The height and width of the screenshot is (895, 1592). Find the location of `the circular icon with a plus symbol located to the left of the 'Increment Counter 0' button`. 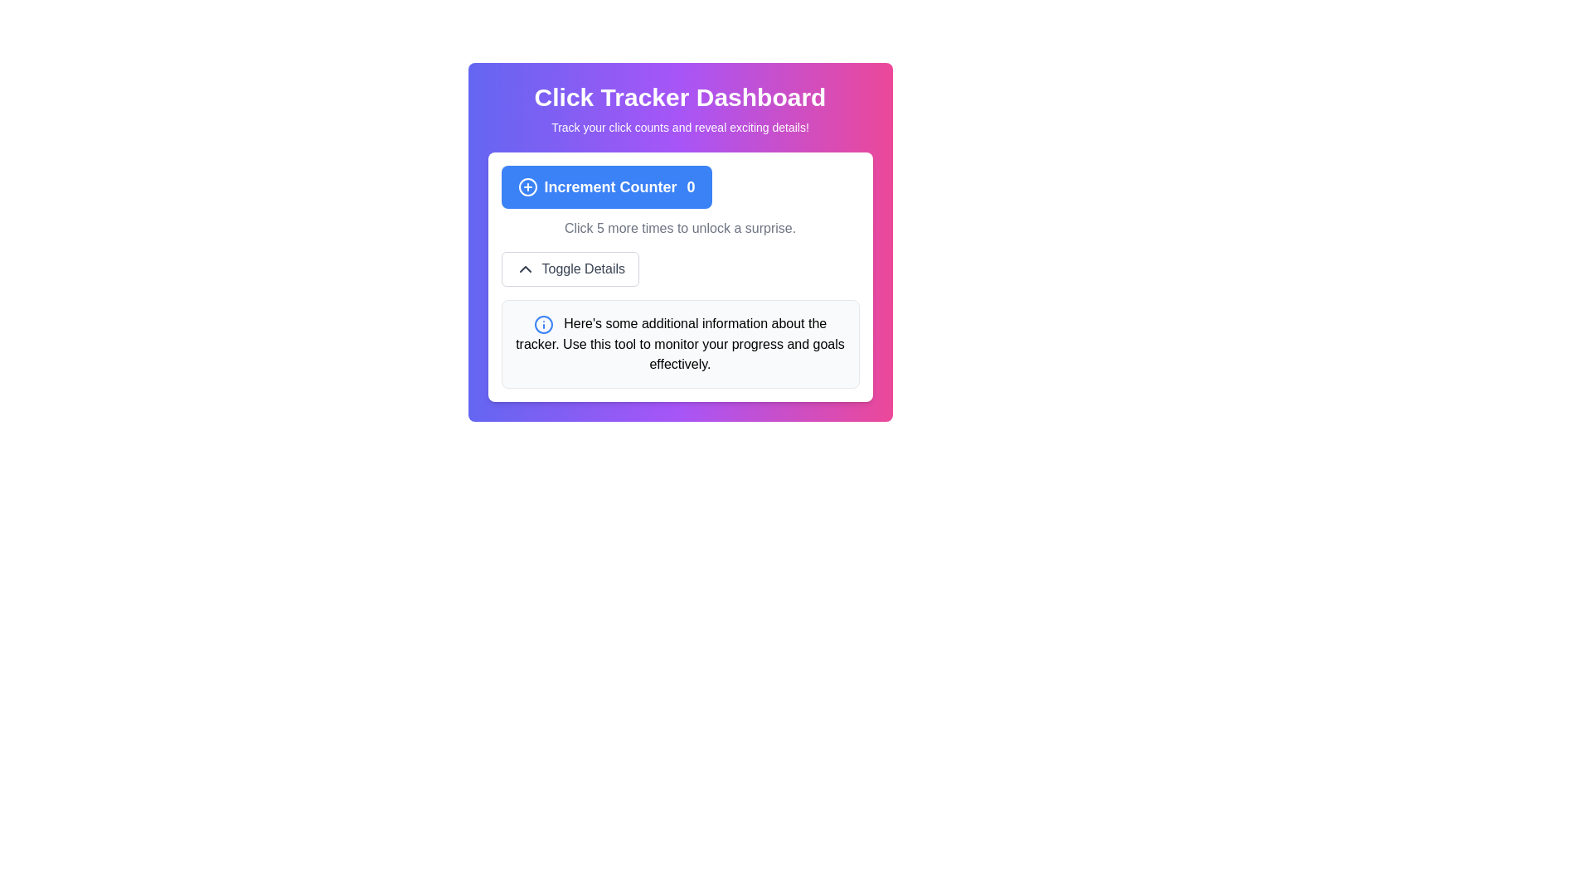

the circular icon with a plus symbol located to the left of the 'Increment Counter 0' button is located at coordinates (527, 186).